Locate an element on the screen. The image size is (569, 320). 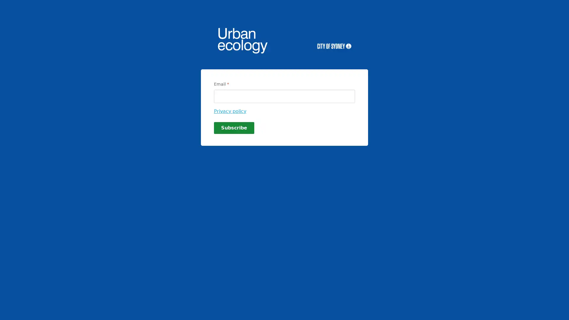
Subscribe is located at coordinates (234, 128).